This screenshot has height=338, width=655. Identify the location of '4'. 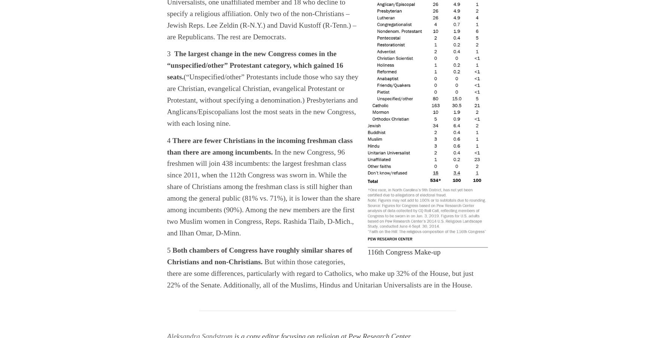
(167, 140).